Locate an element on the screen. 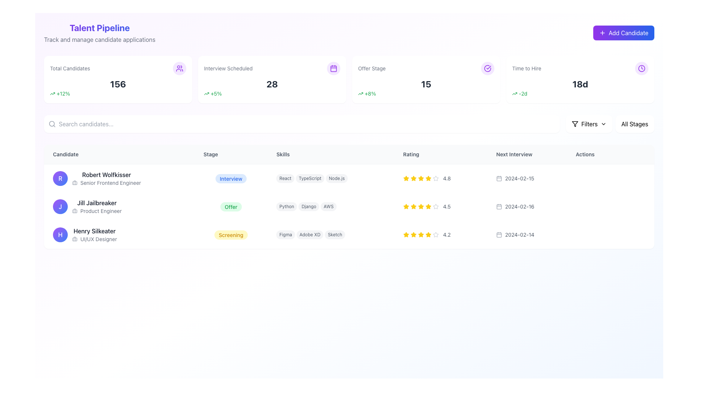 The height and width of the screenshot is (400, 711). the fifth star rating icon, which is outlined in gray and part of the 'Rating' column for the second candidate in the table is located at coordinates (435, 207).